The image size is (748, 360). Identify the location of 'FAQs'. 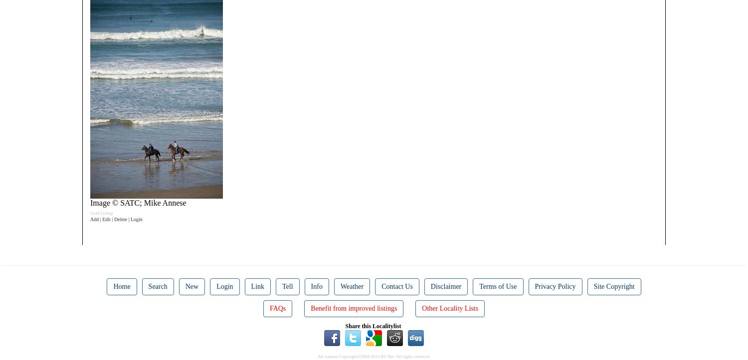
(277, 308).